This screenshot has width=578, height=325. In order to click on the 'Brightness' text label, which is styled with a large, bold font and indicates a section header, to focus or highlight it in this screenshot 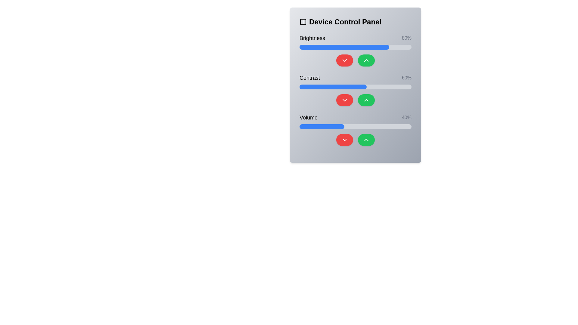, I will do `click(312, 38)`.